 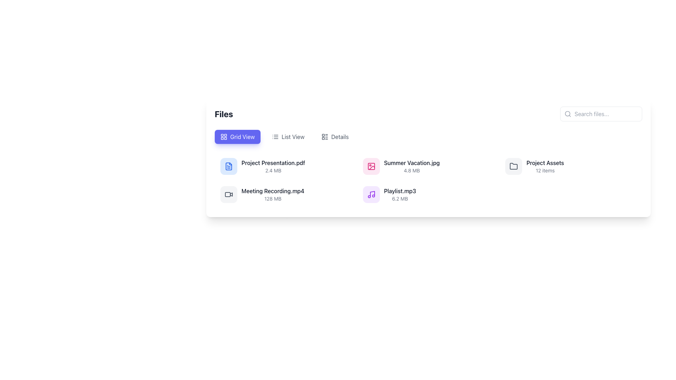 What do you see at coordinates (286, 166) in the screenshot?
I see `the first file list entry in the grid view` at bounding box center [286, 166].